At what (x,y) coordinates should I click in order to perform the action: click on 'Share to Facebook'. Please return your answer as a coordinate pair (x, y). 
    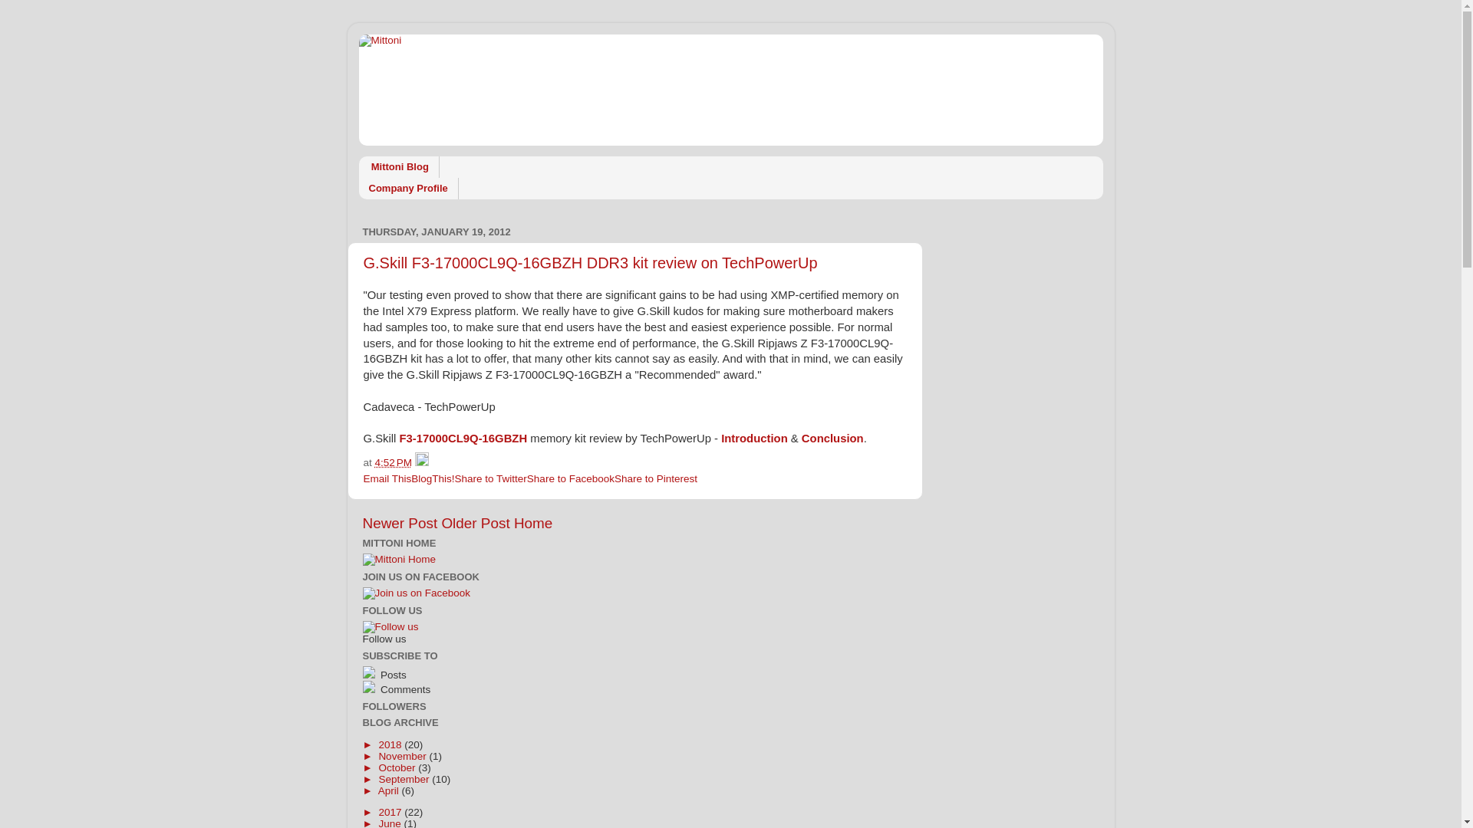
    Looking at the image, I should click on (570, 478).